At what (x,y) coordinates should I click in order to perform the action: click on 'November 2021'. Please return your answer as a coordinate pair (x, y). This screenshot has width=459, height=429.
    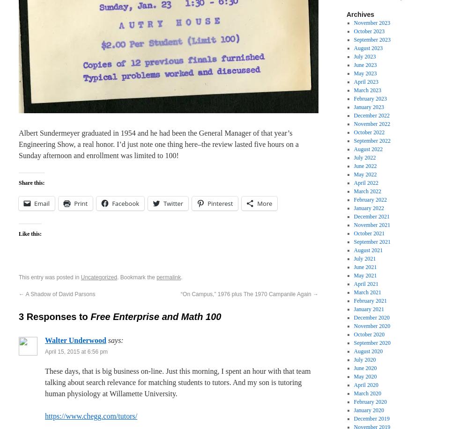
    Looking at the image, I should click on (353, 224).